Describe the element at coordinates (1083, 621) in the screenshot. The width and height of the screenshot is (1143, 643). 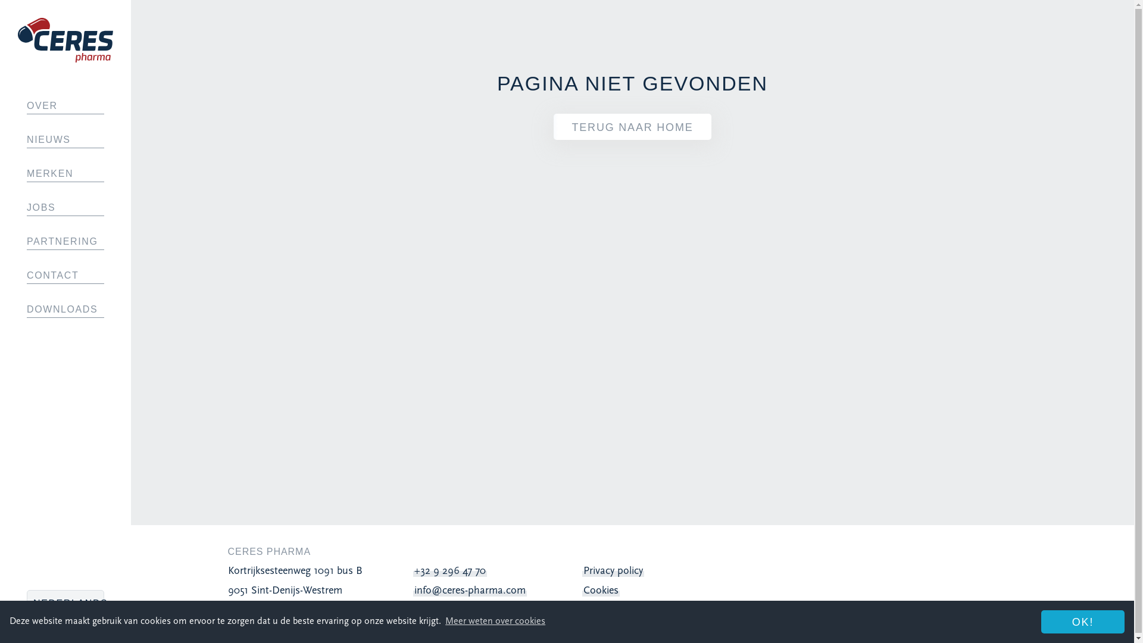
I see `'OK!'` at that location.